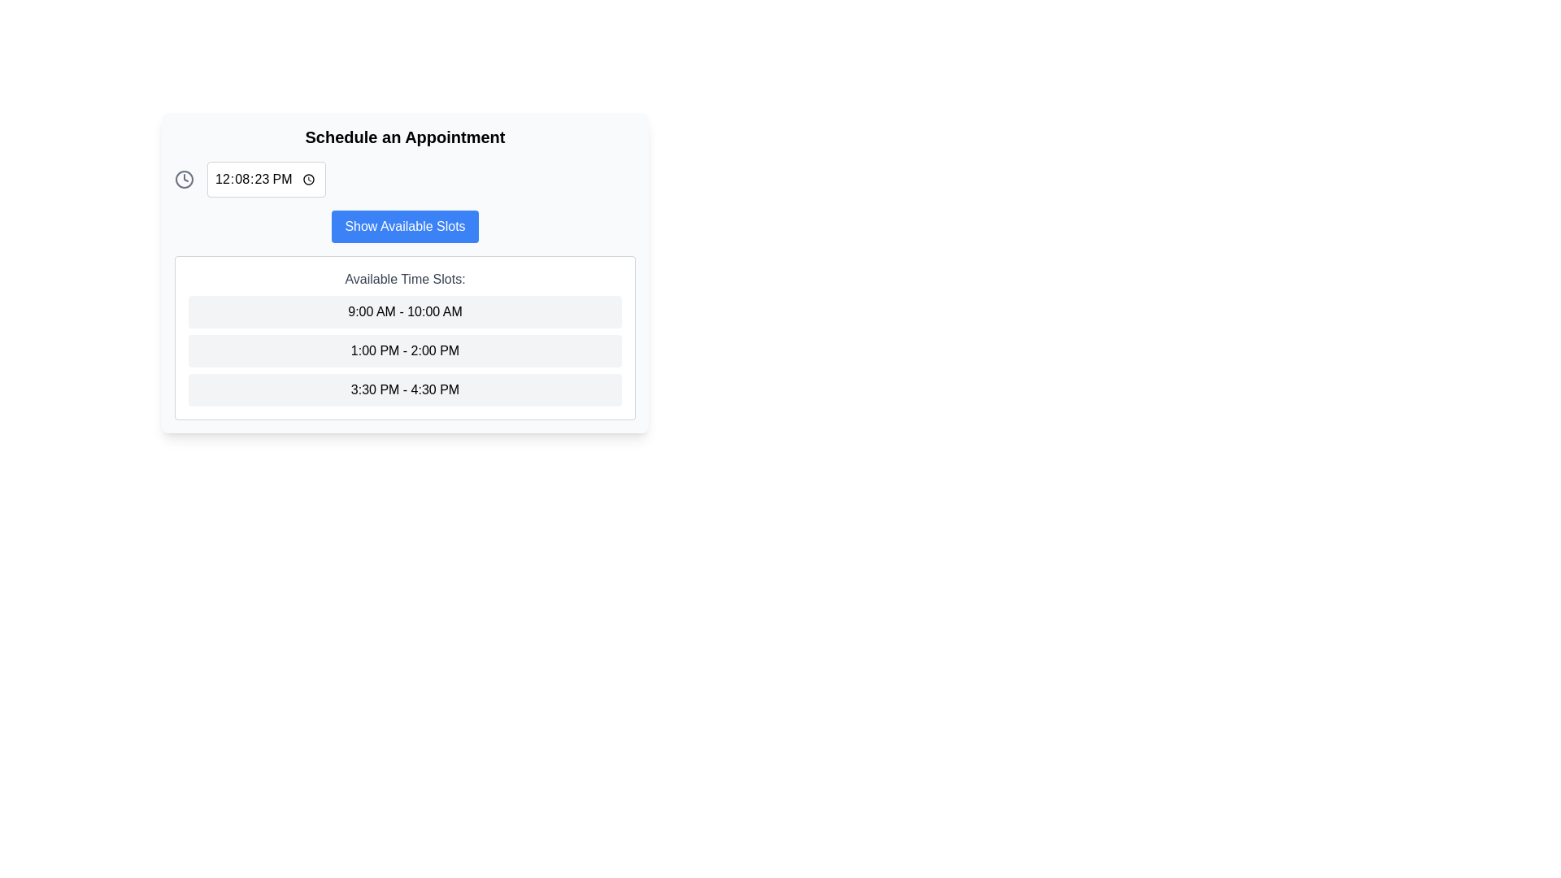 The image size is (1561, 878). What do you see at coordinates (405, 337) in the screenshot?
I see `the informational panel displaying time slots for appointments, located below the 'Show Available Slots' button within the 'Schedule an Appointment' panel` at bounding box center [405, 337].